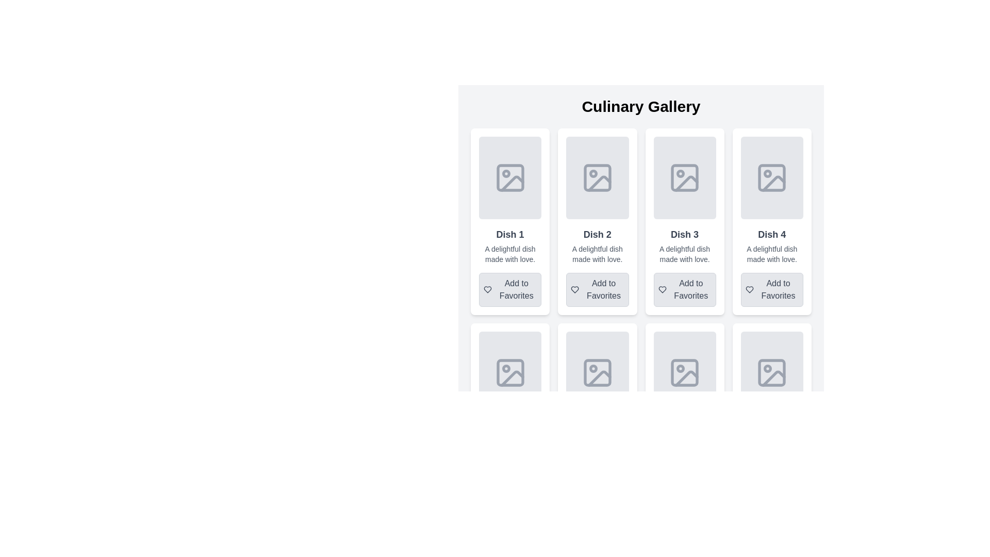  I want to click on the top-left SVG rectangle of the image placeholder icon within the fifth card of the second row in the Culinary Gallery grid, so click(597, 372).